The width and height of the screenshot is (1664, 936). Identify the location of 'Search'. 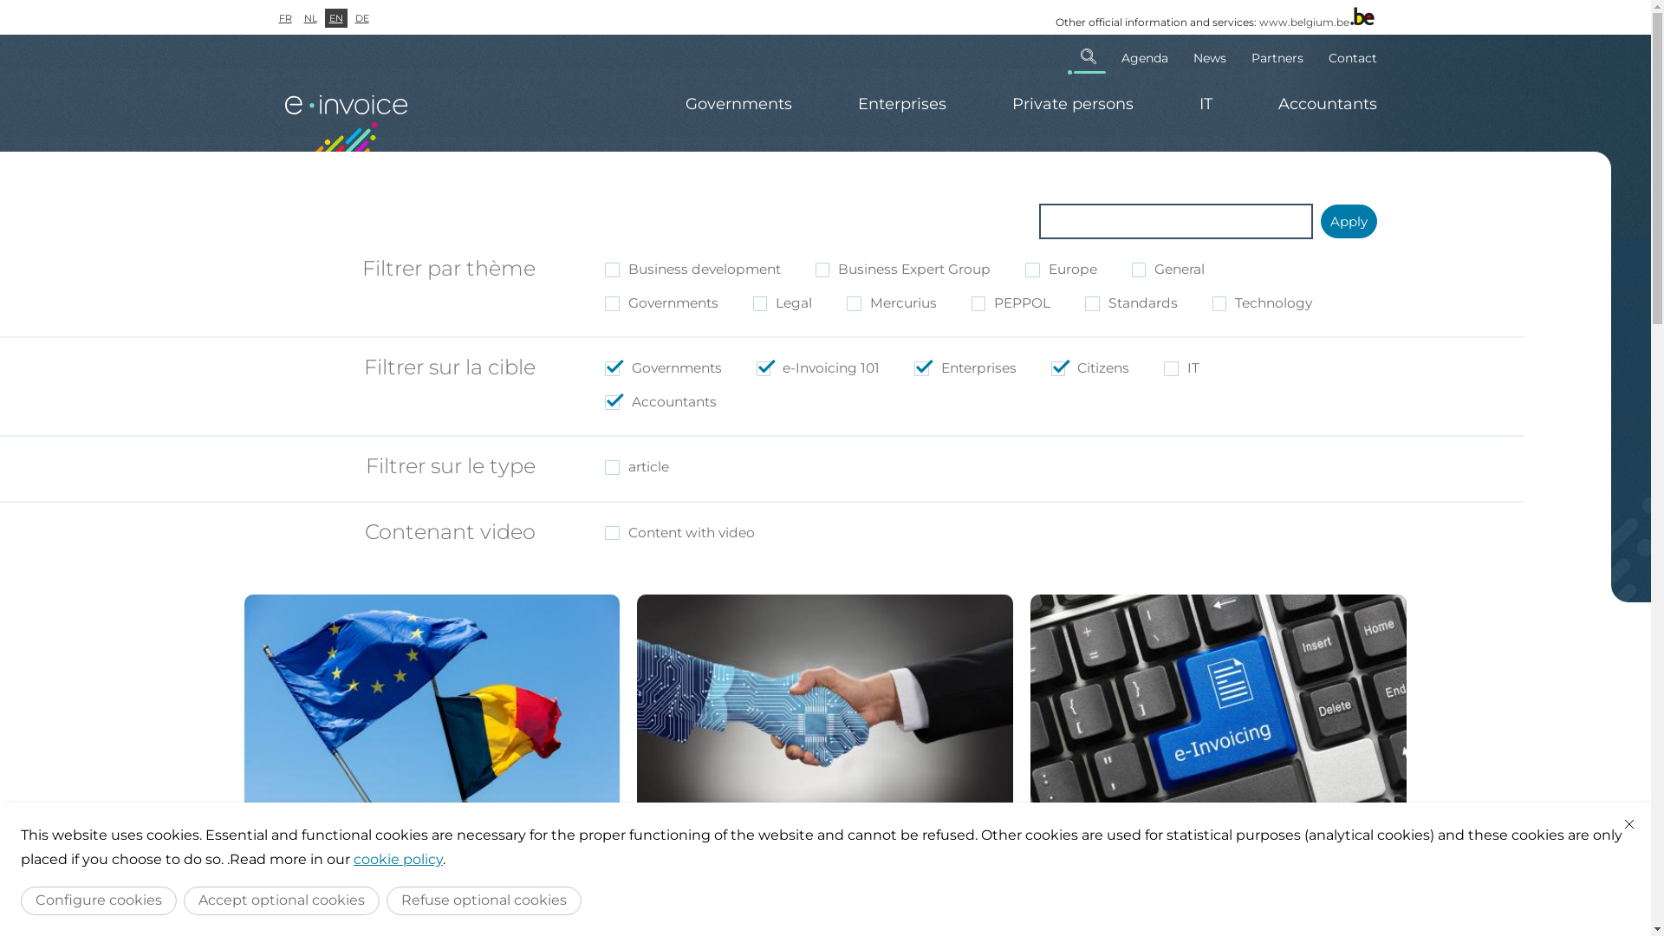
(1088, 55).